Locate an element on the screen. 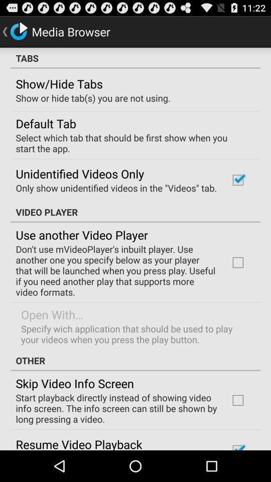 The image size is (271, 482). the specify wich application app is located at coordinates (134, 334).